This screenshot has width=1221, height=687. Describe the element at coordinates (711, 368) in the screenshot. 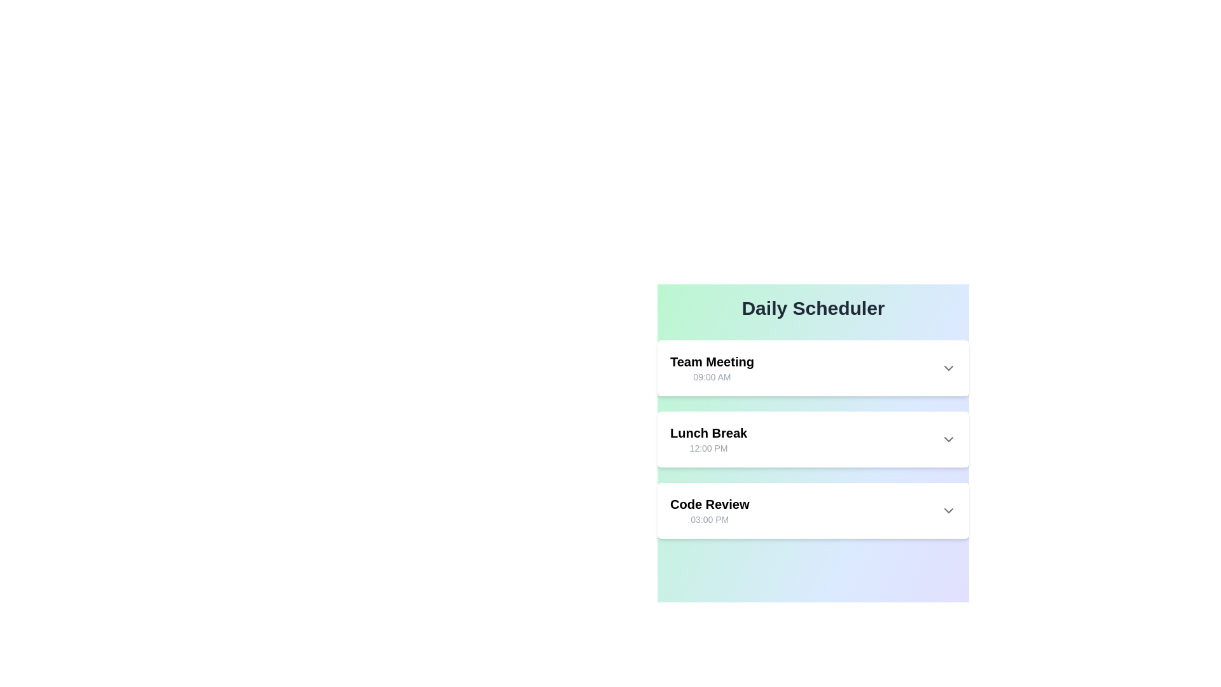

I see `event details displayed in the informational text block at the top of the 'Daily Scheduler' section, which contains the title and time of a scheduled event` at that location.